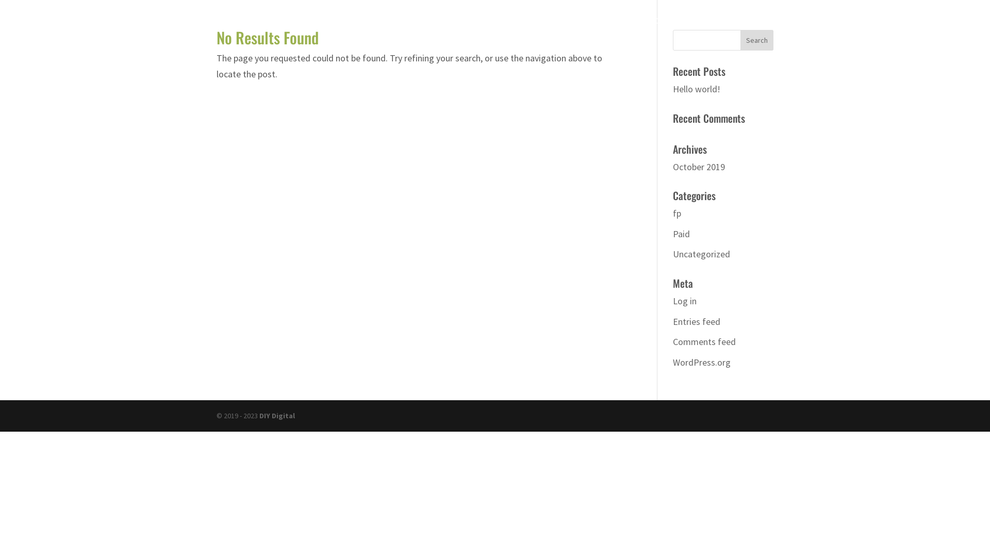  What do you see at coordinates (685, 301) in the screenshot?
I see `'Log in'` at bounding box center [685, 301].